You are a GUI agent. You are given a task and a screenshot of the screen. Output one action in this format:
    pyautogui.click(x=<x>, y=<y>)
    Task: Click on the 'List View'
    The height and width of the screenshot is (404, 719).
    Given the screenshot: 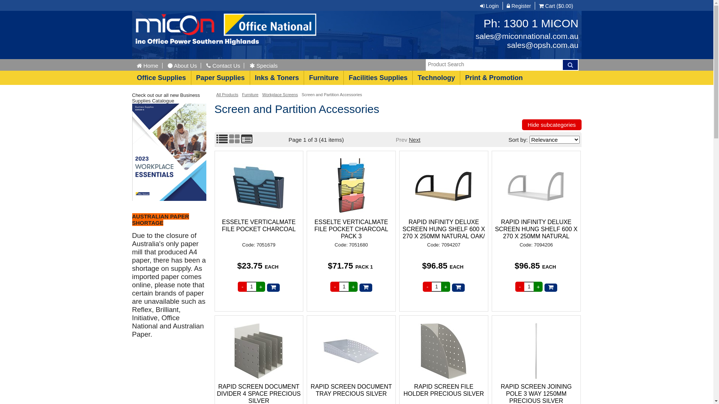 What is the action you would take?
    pyautogui.click(x=222, y=141)
    